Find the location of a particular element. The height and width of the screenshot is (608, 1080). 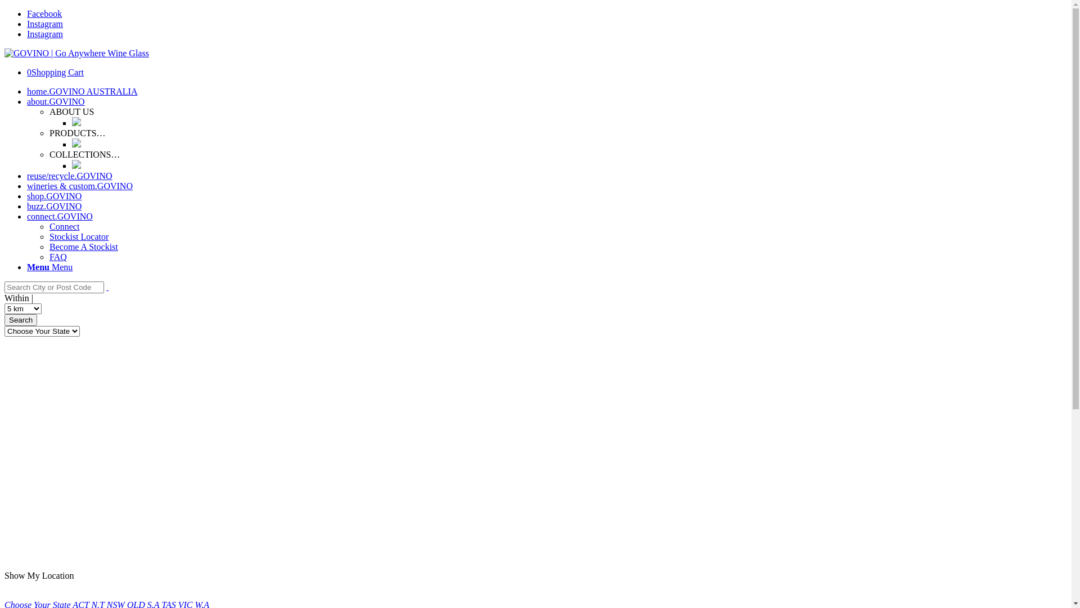

'Connect' is located at coordinates (64, 226).